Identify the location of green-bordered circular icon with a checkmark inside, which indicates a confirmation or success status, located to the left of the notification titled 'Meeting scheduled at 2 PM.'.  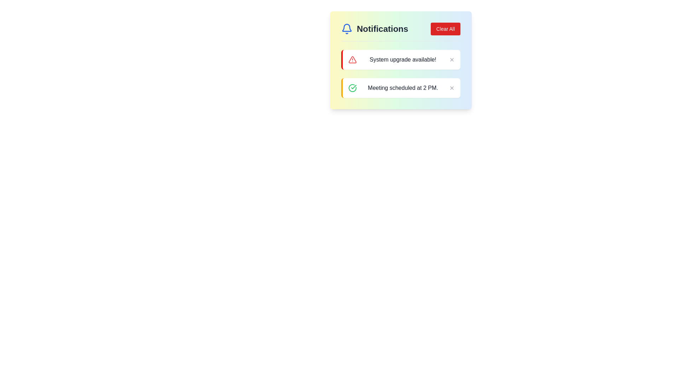
(353, 88).